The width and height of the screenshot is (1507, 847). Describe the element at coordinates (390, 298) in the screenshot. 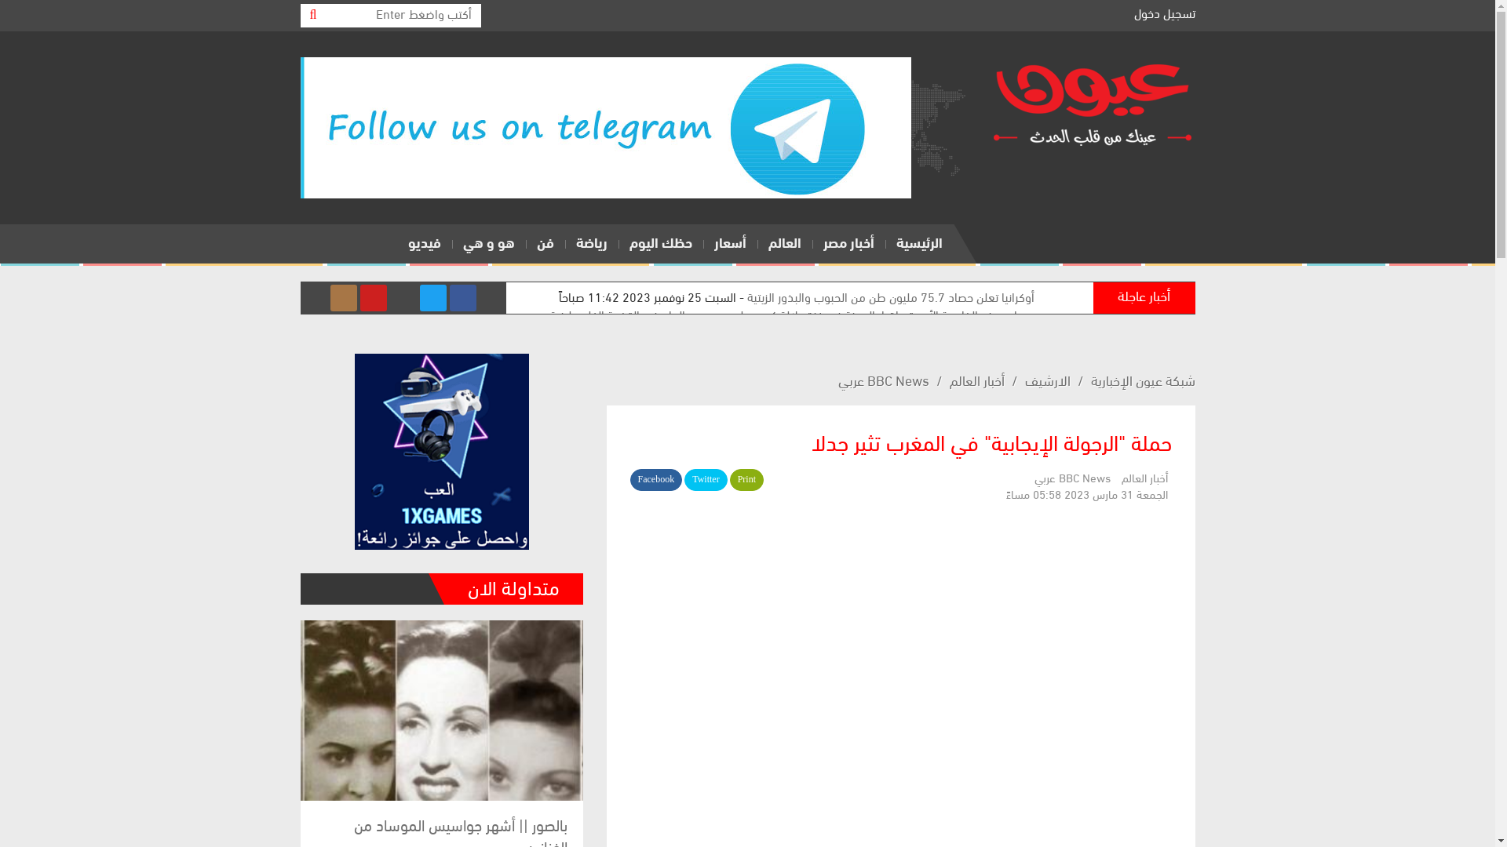

I see `'Telegram'` at that location.